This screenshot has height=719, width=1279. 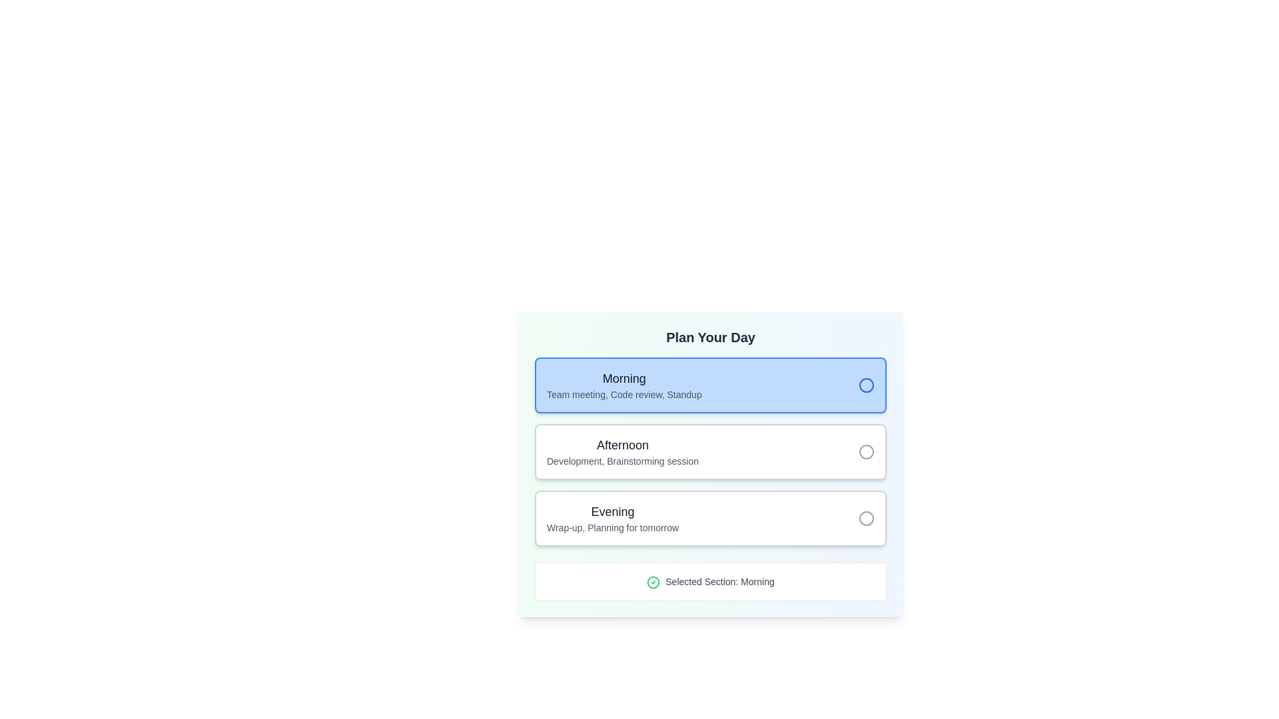 What do you see at coordinates (709, 518) in the screenshot?
I see `the information card labeled 'Evening' which describes the time period with 'Wrap-up, Planning for tomorrow.' This card is the third item in a vertical list below 'Morning' and 'Afternoon.'` at bounding box center [709, 518].